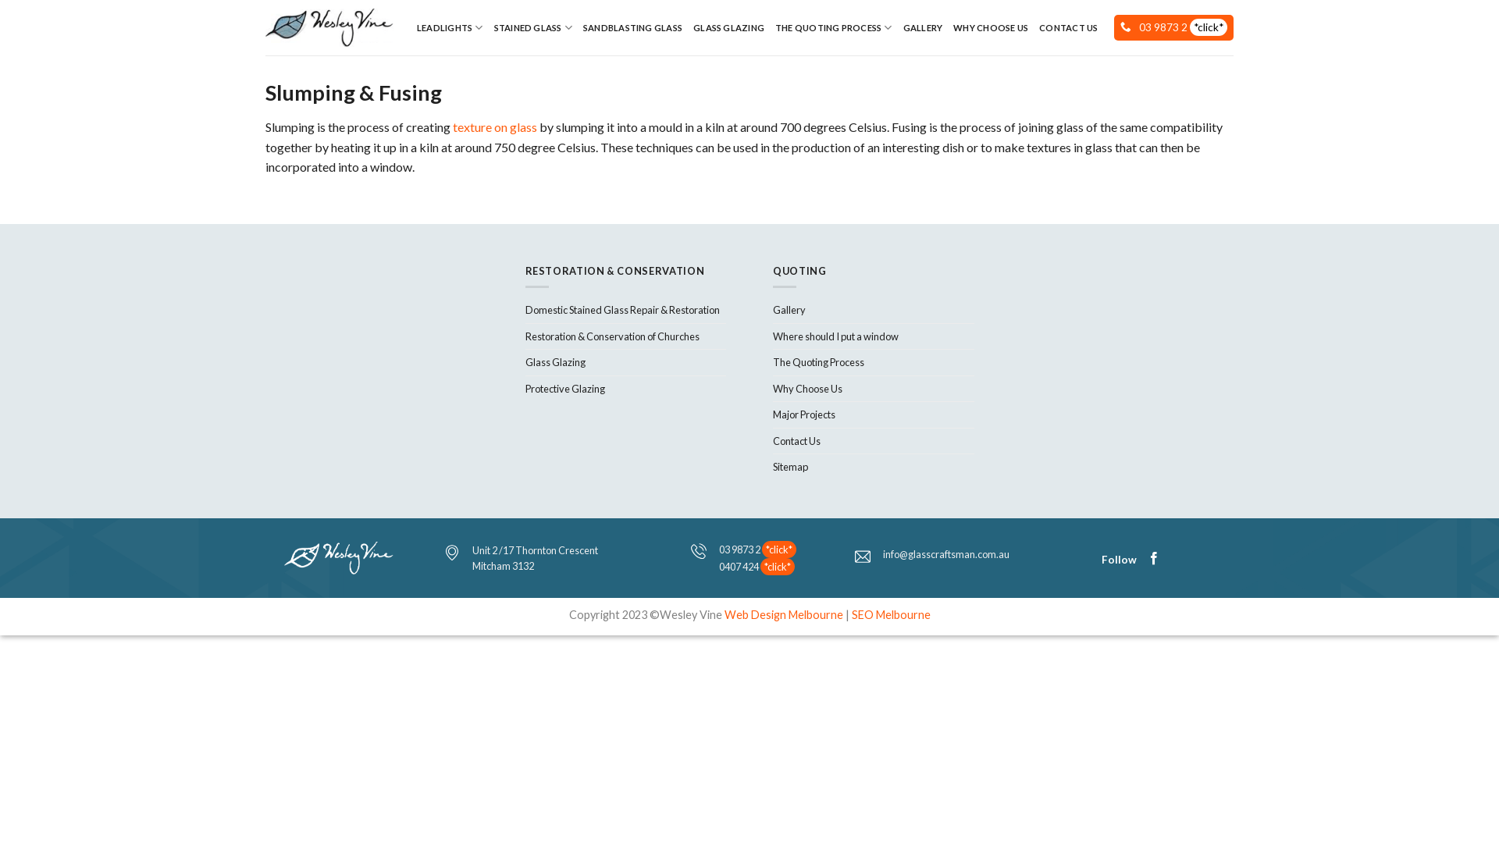 This screenshot has height=843, width=1499. I want to click on 'info@glasscraftsman.com.au', so click(945, 553).